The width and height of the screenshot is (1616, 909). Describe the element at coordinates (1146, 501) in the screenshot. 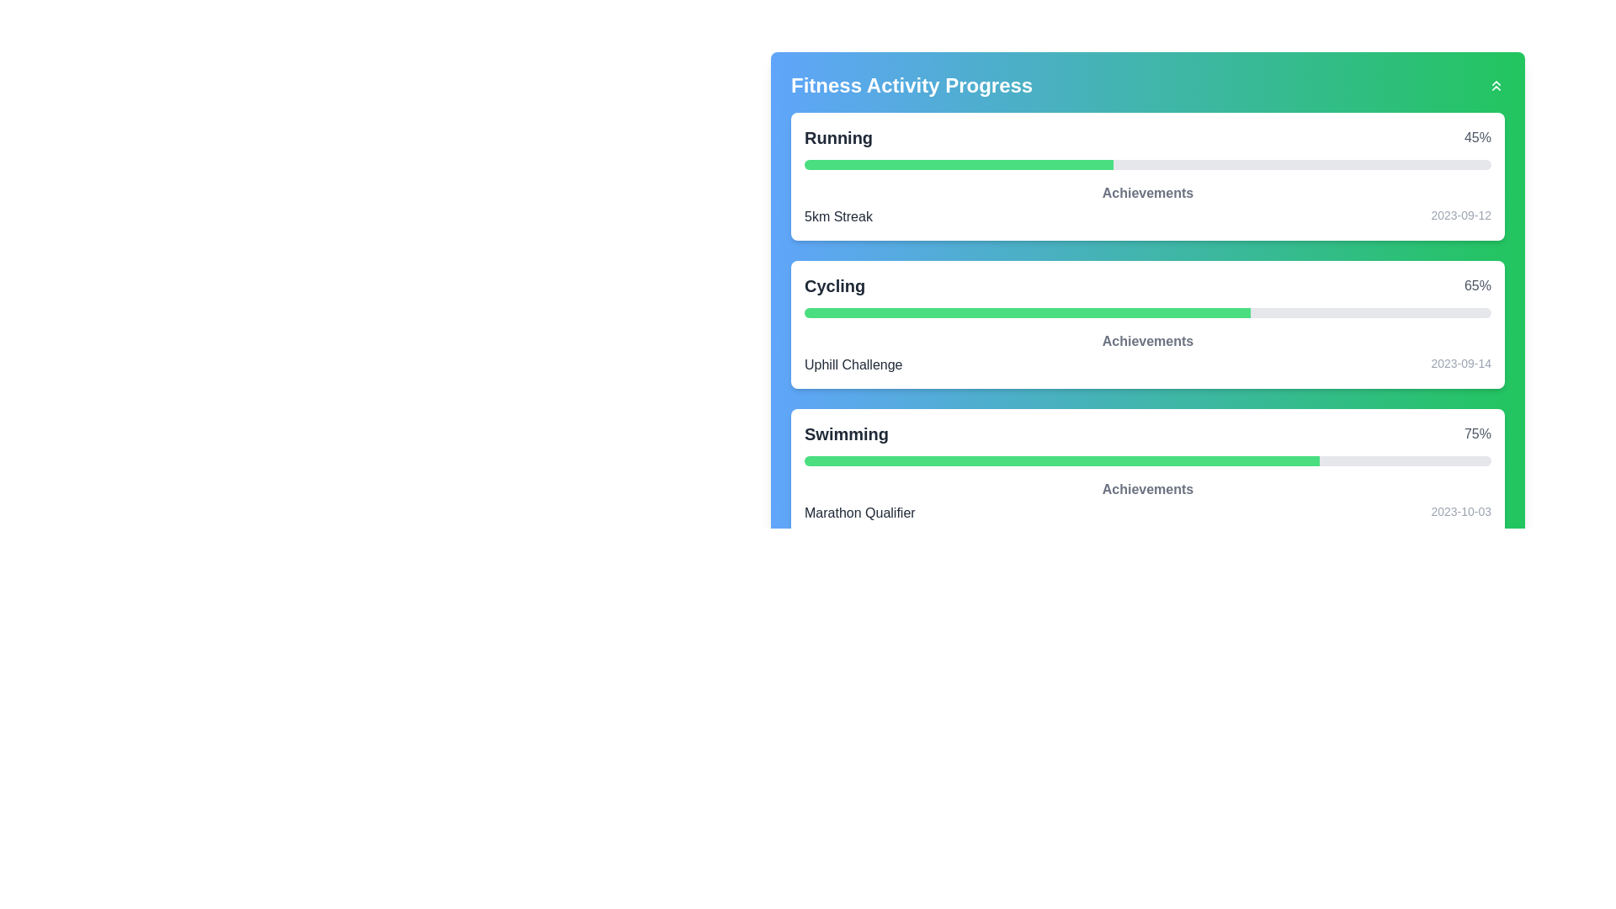

I see `the Text content block displaying 'Achievements', 'Marathon Qualifier', and the date '2023-10-03', located within the 'Swimming' card, below the green progress bar` at that location.